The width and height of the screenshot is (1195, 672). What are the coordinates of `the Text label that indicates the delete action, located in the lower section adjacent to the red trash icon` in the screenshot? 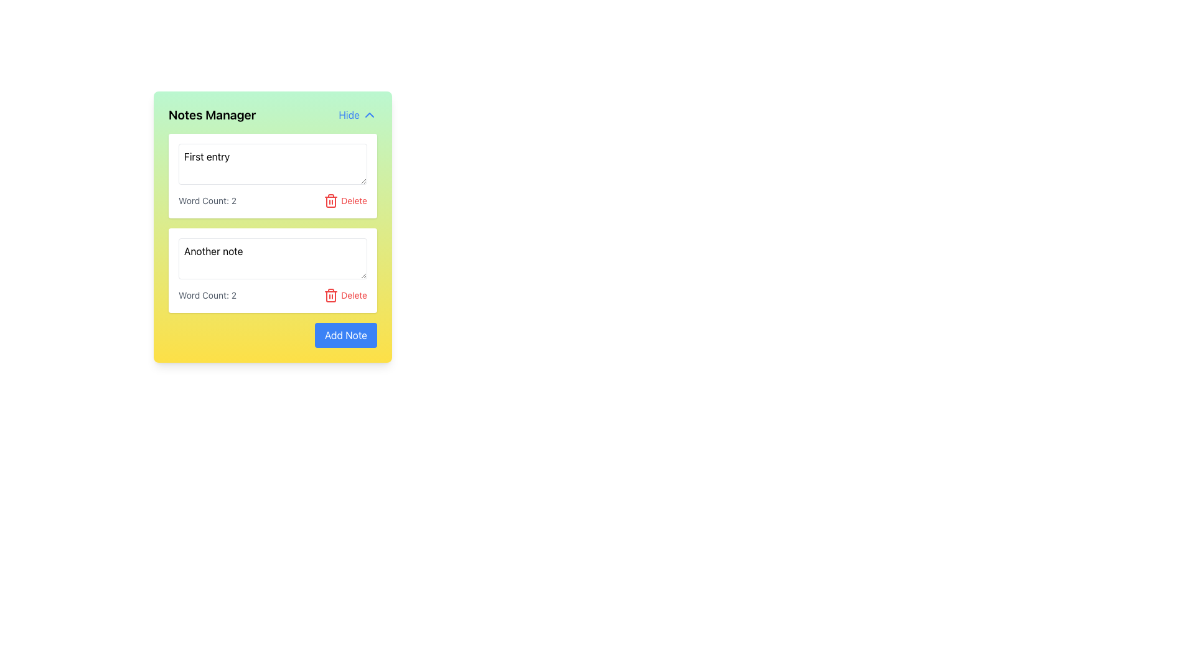 It's located at (354, 295).